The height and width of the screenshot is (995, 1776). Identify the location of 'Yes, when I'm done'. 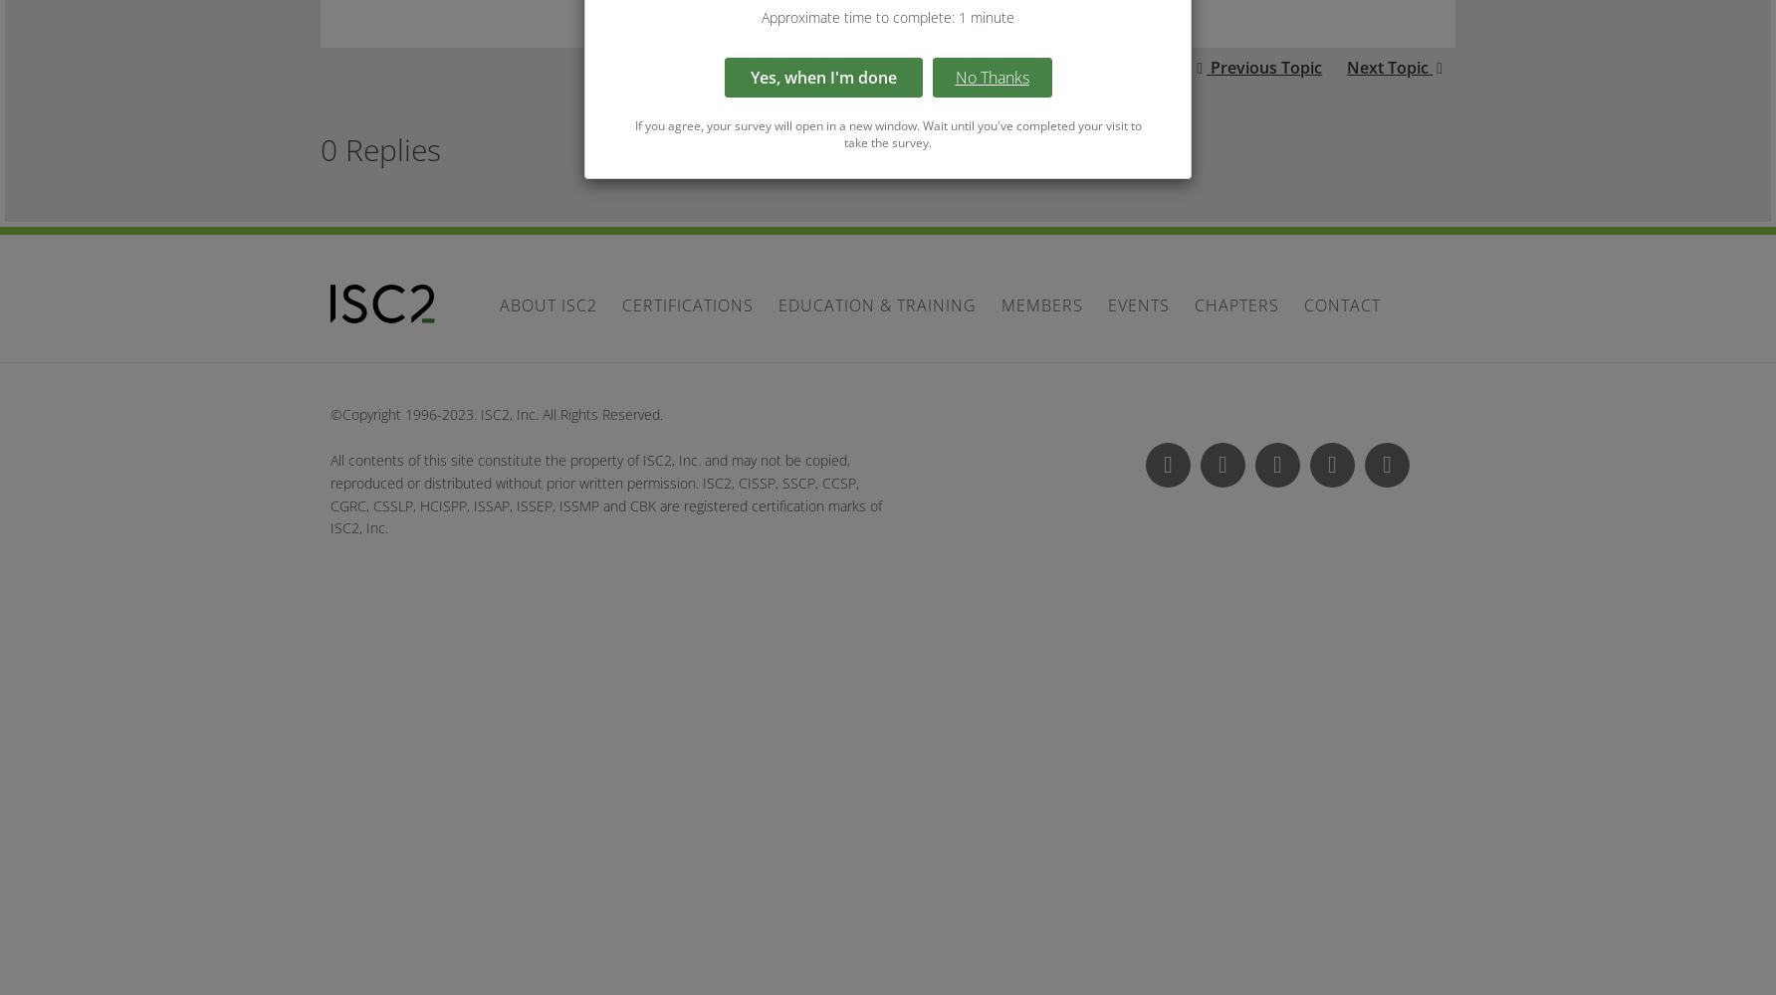
(821, 76).